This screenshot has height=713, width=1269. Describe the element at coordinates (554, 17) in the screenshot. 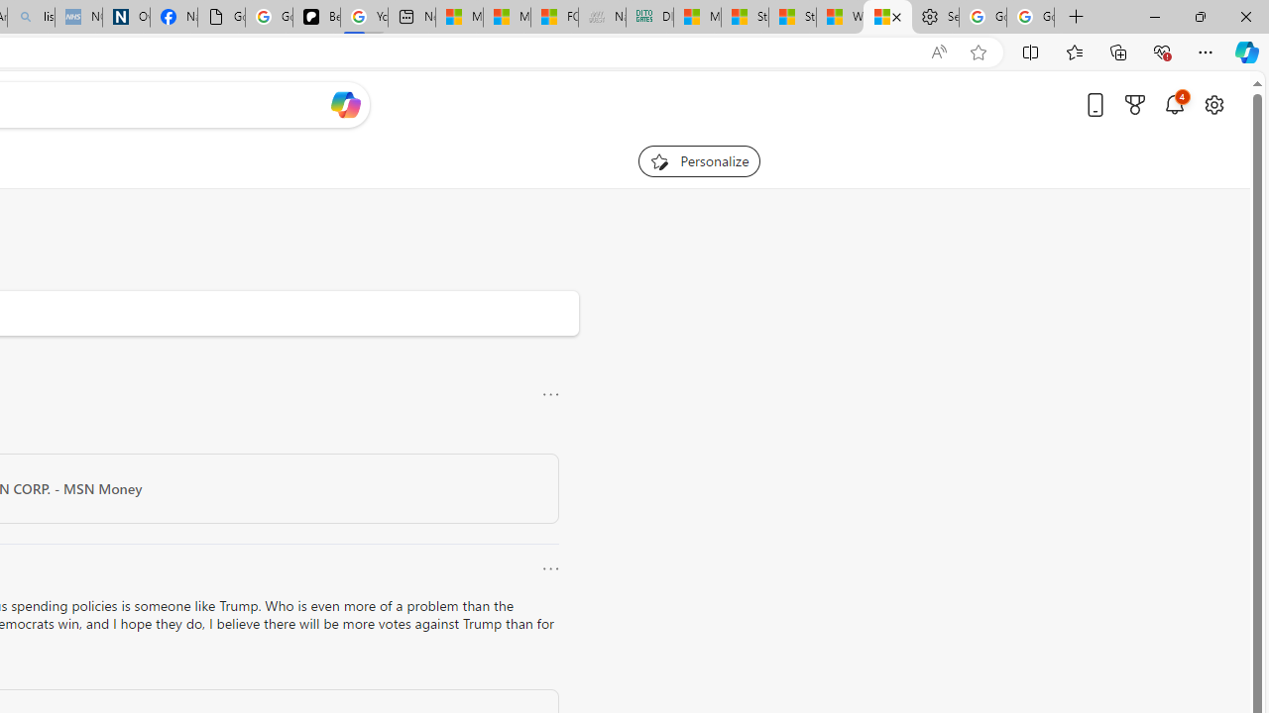

I see `'FOX News - MSN'` at that location.